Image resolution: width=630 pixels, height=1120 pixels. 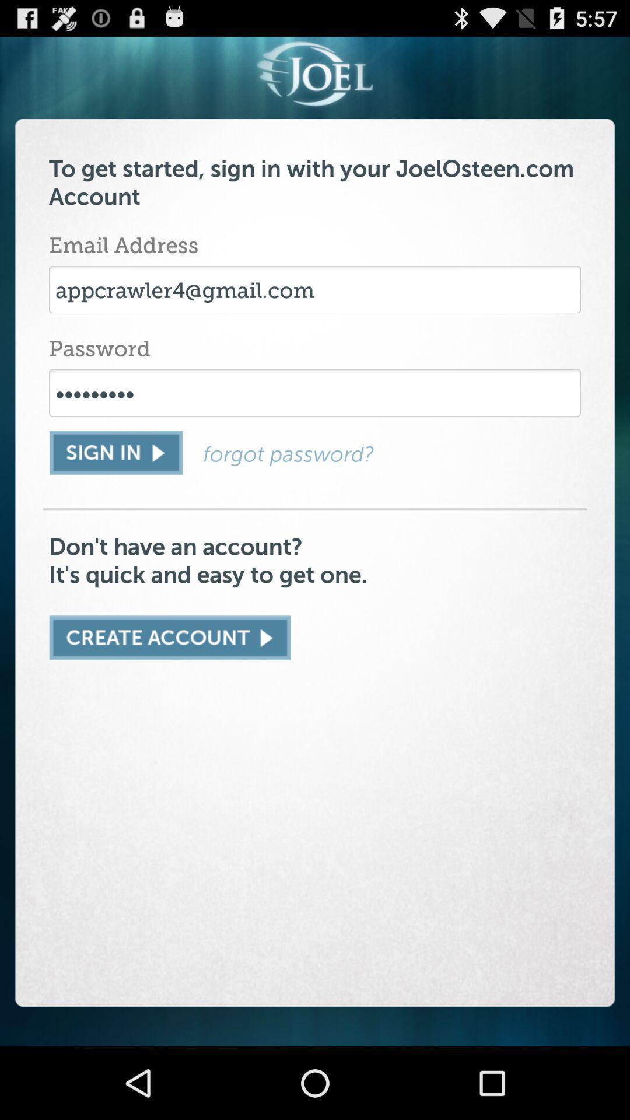 What do you see at coordinates (116, 452) in the screenshot?
I see `the item below the crowd3116 icon` at bounding box center [116, 452].